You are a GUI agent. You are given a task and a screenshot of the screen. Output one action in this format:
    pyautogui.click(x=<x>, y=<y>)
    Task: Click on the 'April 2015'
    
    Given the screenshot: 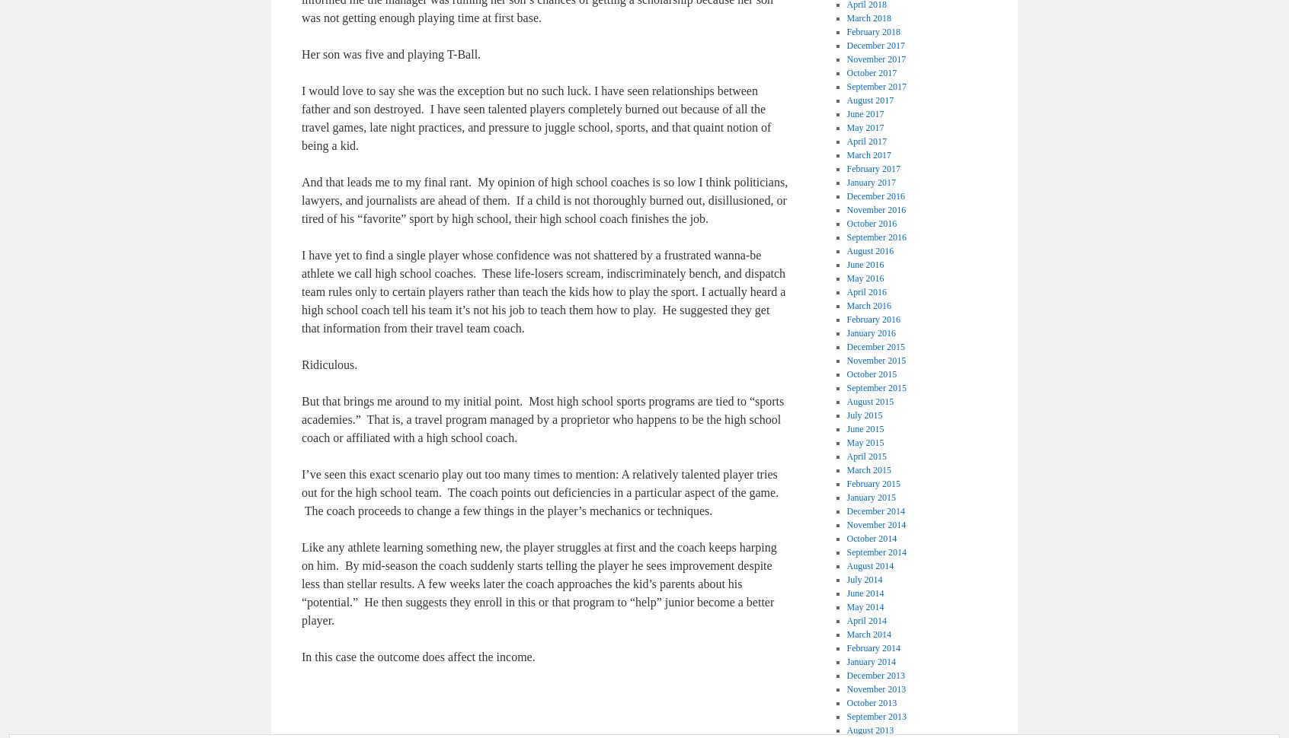 What is the action you would take?
    pyautogui.click(x=865, y=456)
    